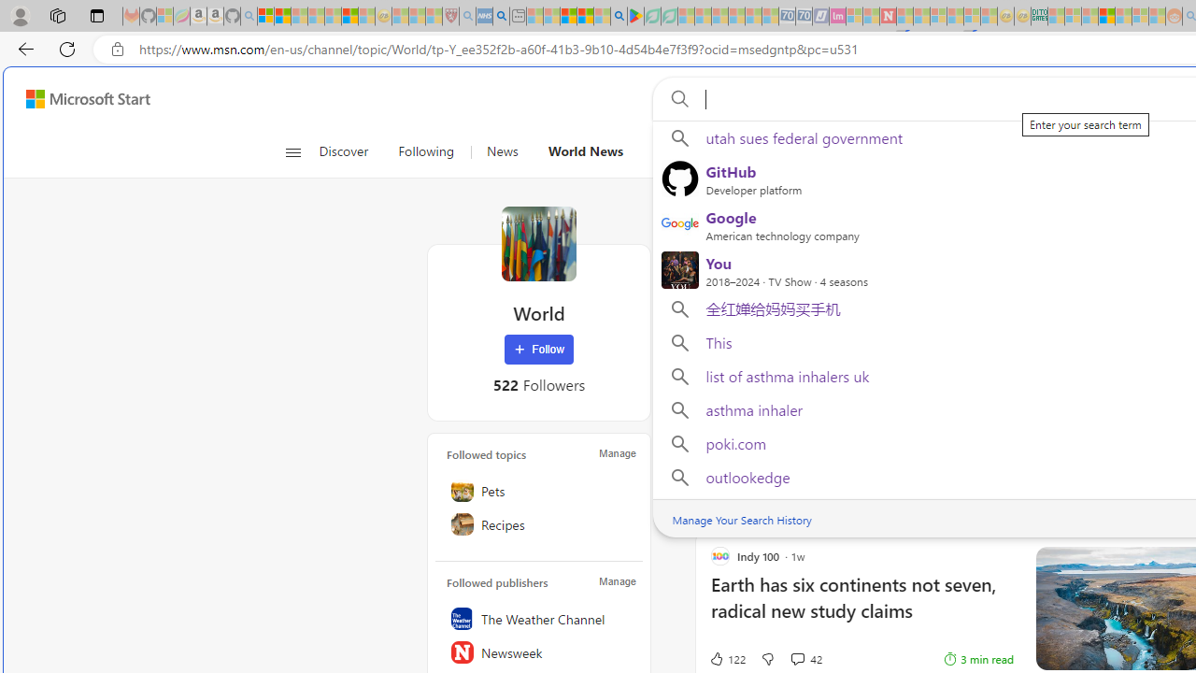  Describe the element at coordinates (501, 16) in the screenshot. I see `'utah sues federal government - Search'` at that location.